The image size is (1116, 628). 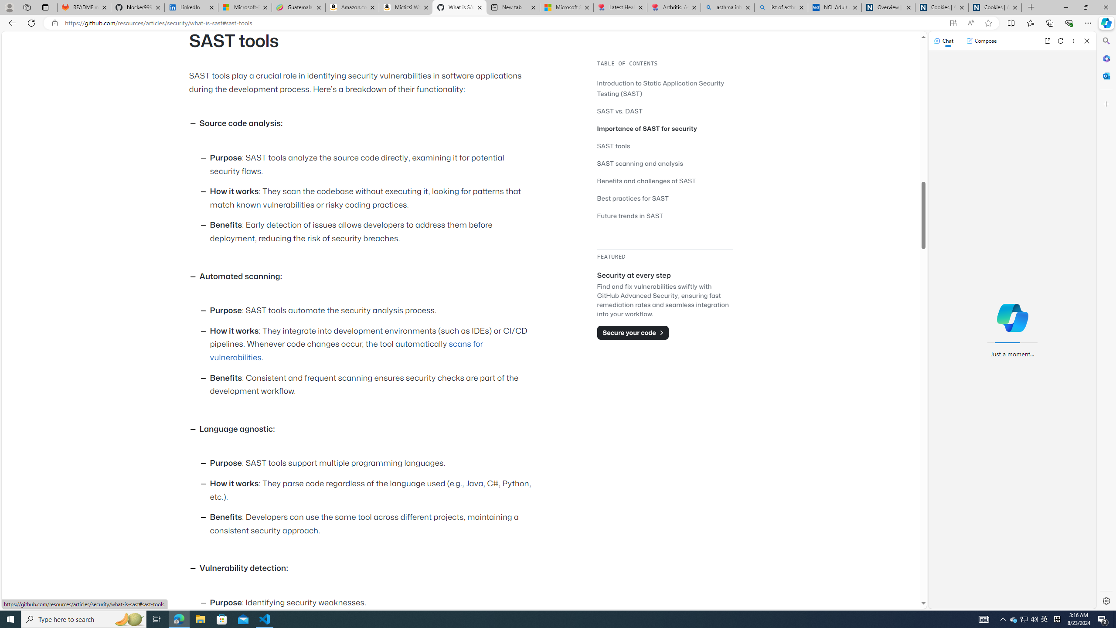 What do you see at coordinates (640, 163) in the screenshot?
I see `'SAST scanning and analysis'` at bounding box center [640, 163].